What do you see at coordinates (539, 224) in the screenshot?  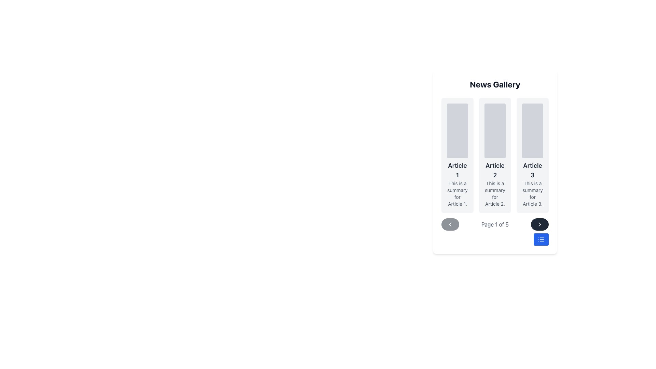 I see `the pagination control button located at the bottom right corner of the interface` at bounding box center [539, 224].